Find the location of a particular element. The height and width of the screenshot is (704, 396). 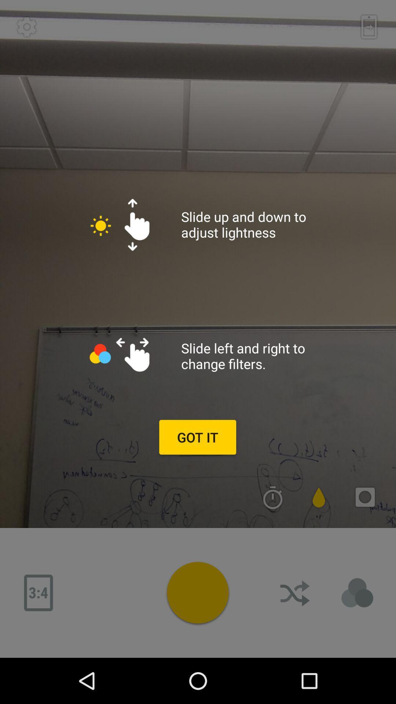

download is located at coordinates (295, 593).